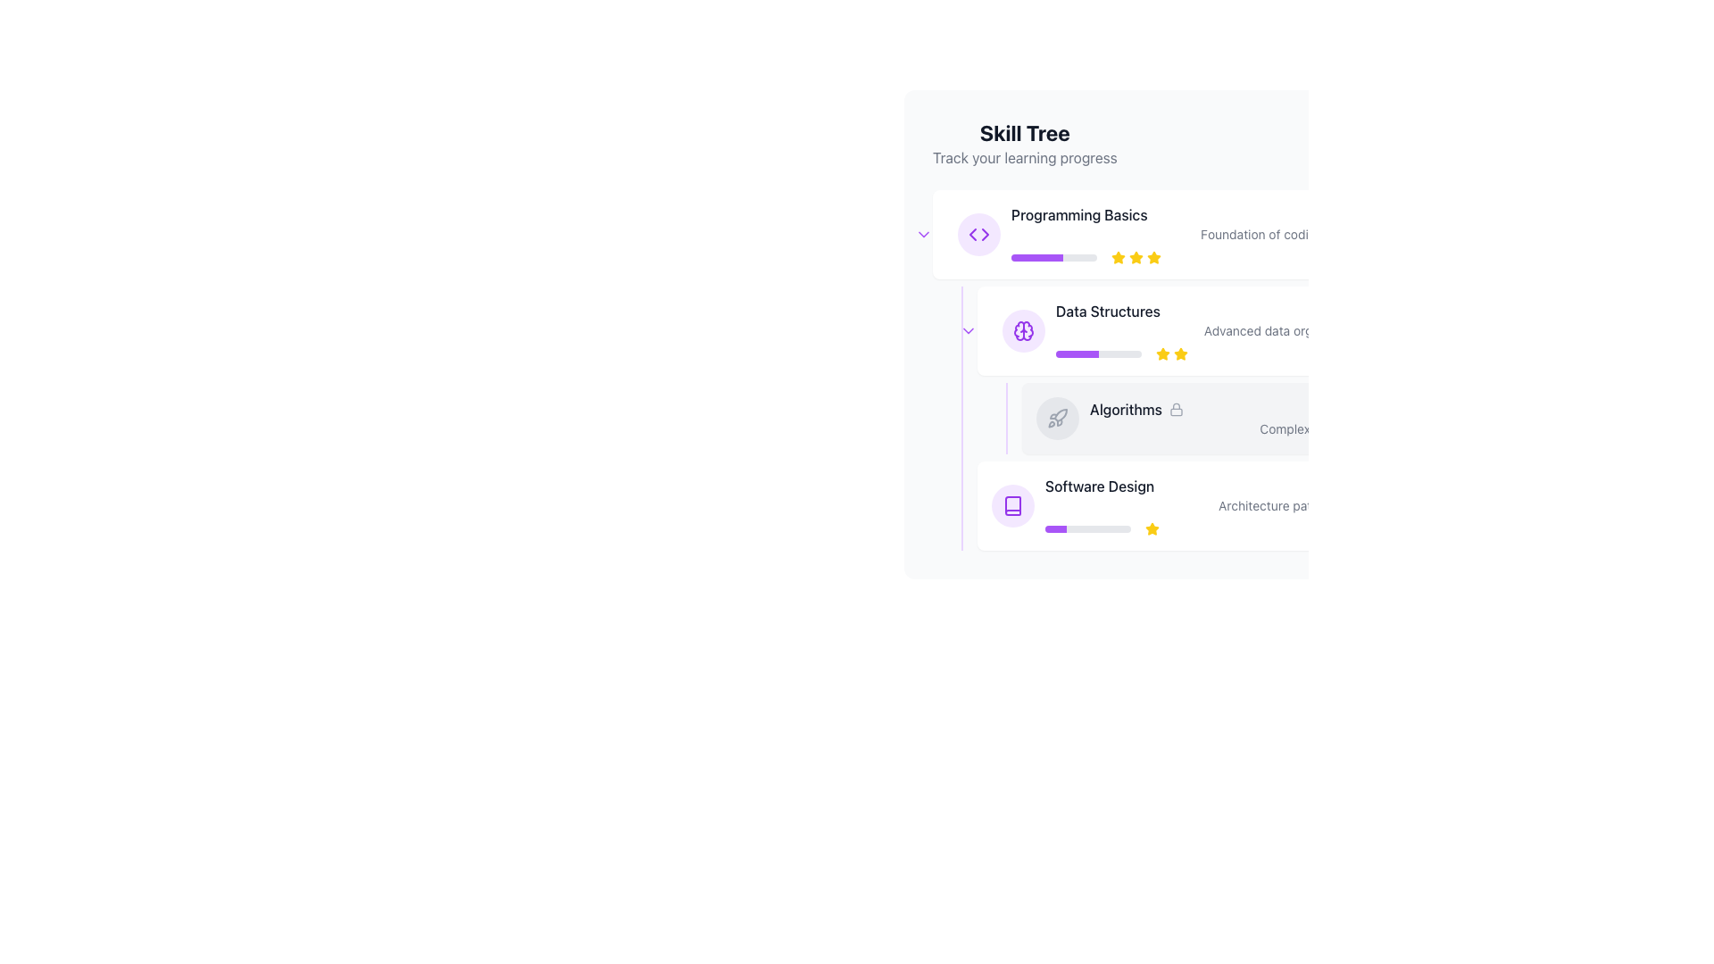 This screenshot has height=964, width=1714. I want to click on the 'Data Structures' text label, which serves as a section header in the skill tree interface, located below 'Programming Basics' and above 'Algorithms', so click(1107, 310).